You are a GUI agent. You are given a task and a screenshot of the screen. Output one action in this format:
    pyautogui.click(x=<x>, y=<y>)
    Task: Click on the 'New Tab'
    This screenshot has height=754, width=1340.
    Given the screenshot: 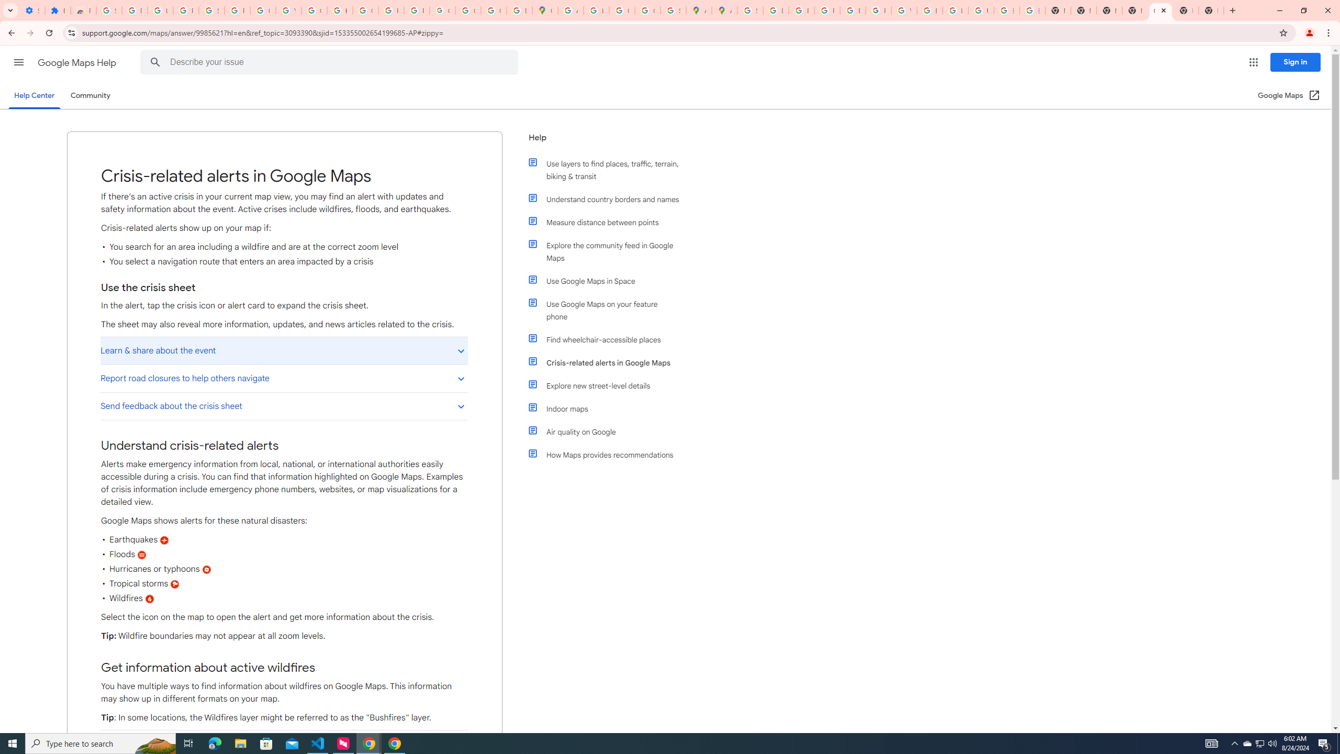 What is the action you would take?
    pyautogui.click(x=1211, y=10)
    